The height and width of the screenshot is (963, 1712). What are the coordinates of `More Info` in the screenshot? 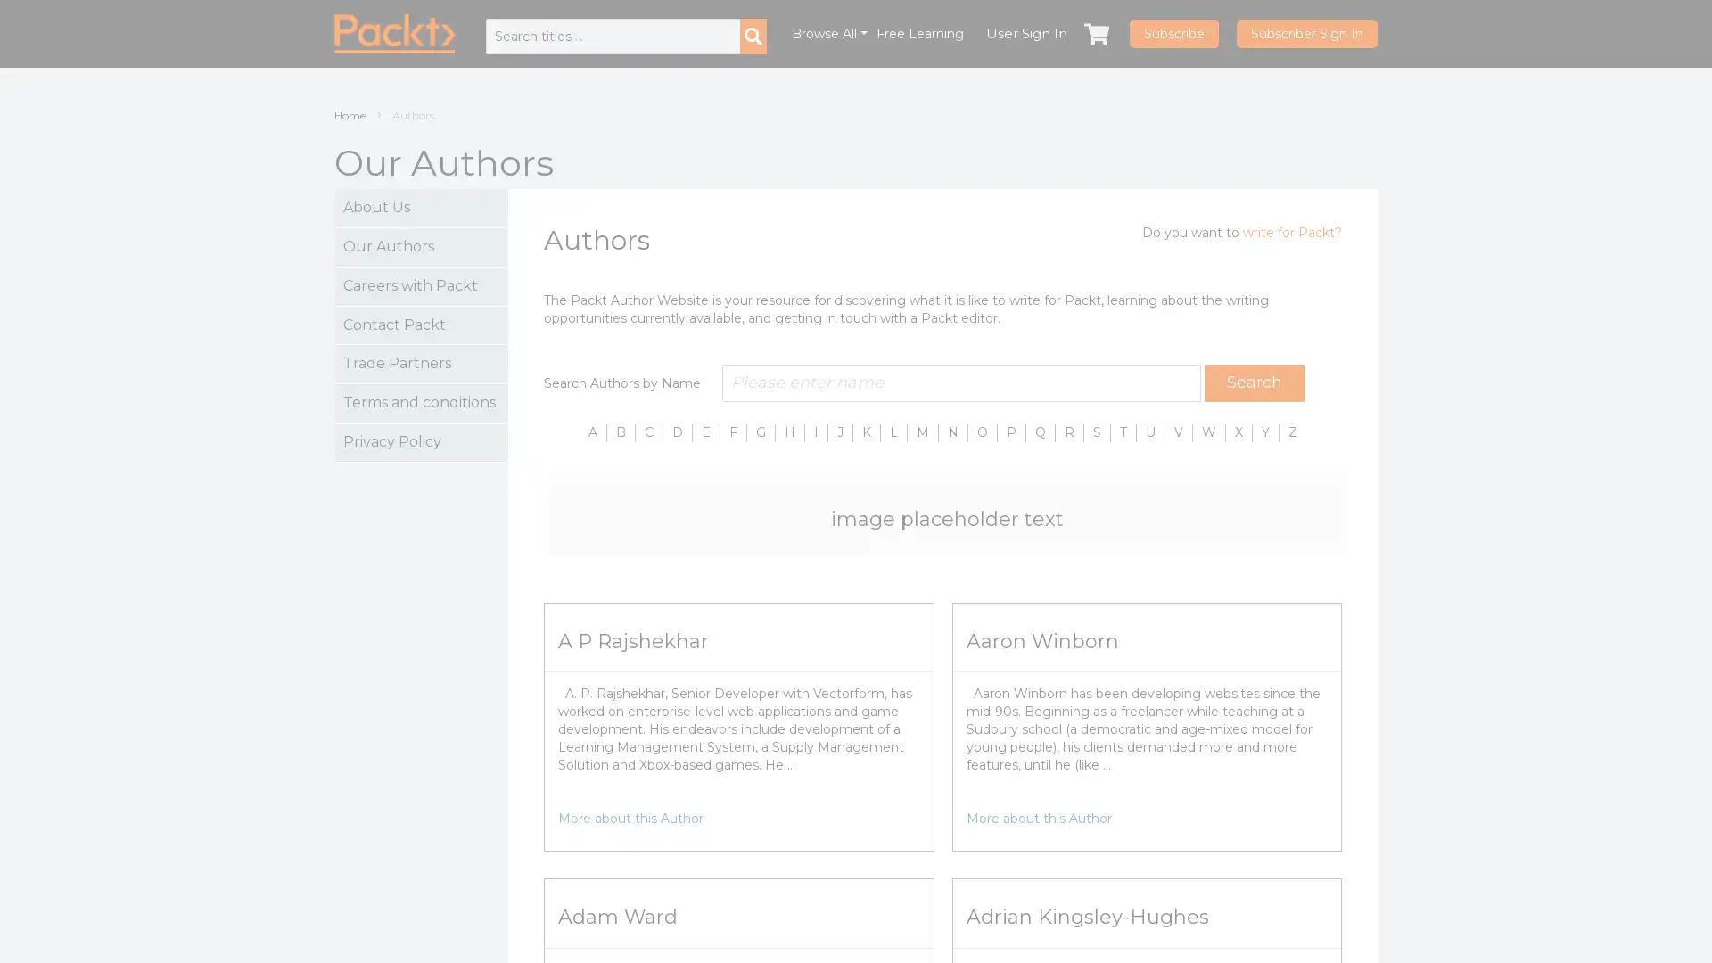 It's located at (1458, 925).